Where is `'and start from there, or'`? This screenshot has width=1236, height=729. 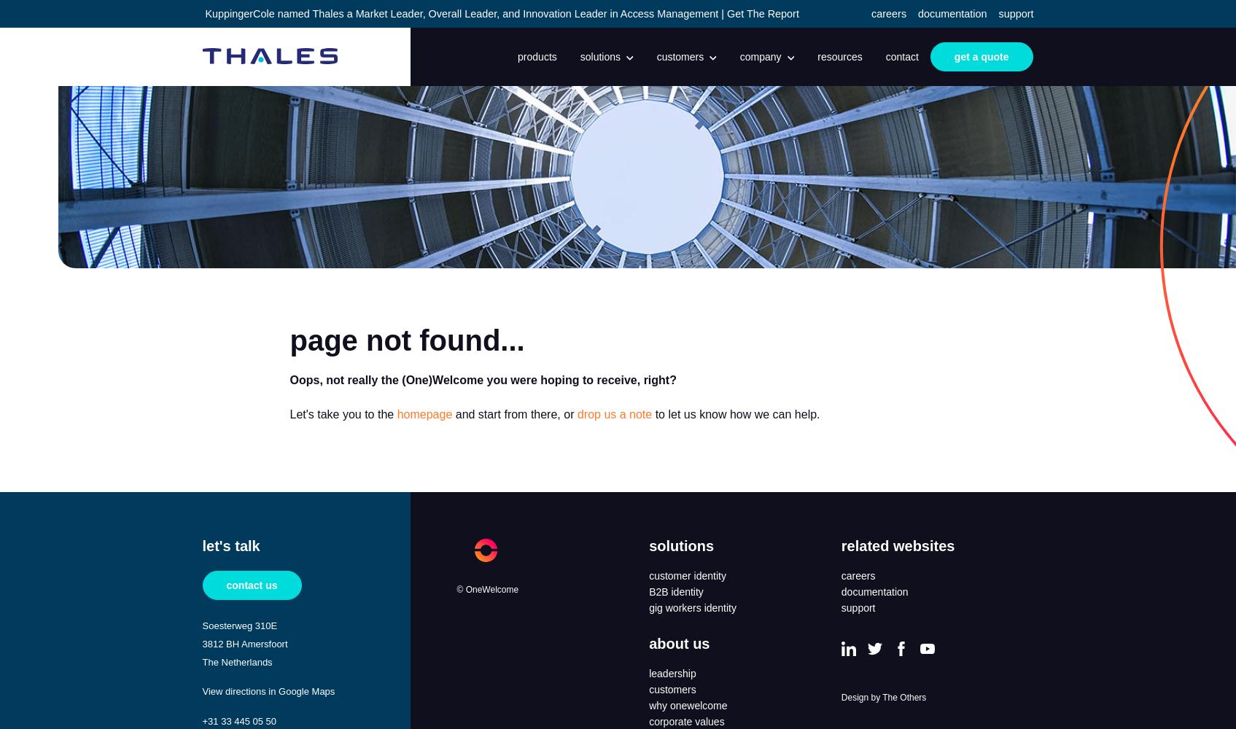
'and start from there, or' is located at coordinates (514, 413).